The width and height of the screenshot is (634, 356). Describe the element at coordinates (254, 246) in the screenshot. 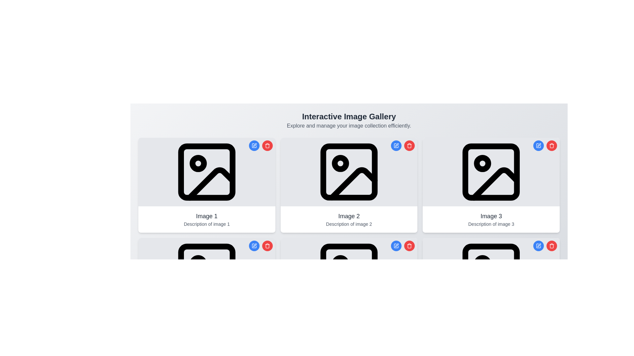

I see `the small square-shaped icon with a pen-like drawing inside it, located at the top right corner of the card labeled as Image 2, to initiate the edit function` at that location.